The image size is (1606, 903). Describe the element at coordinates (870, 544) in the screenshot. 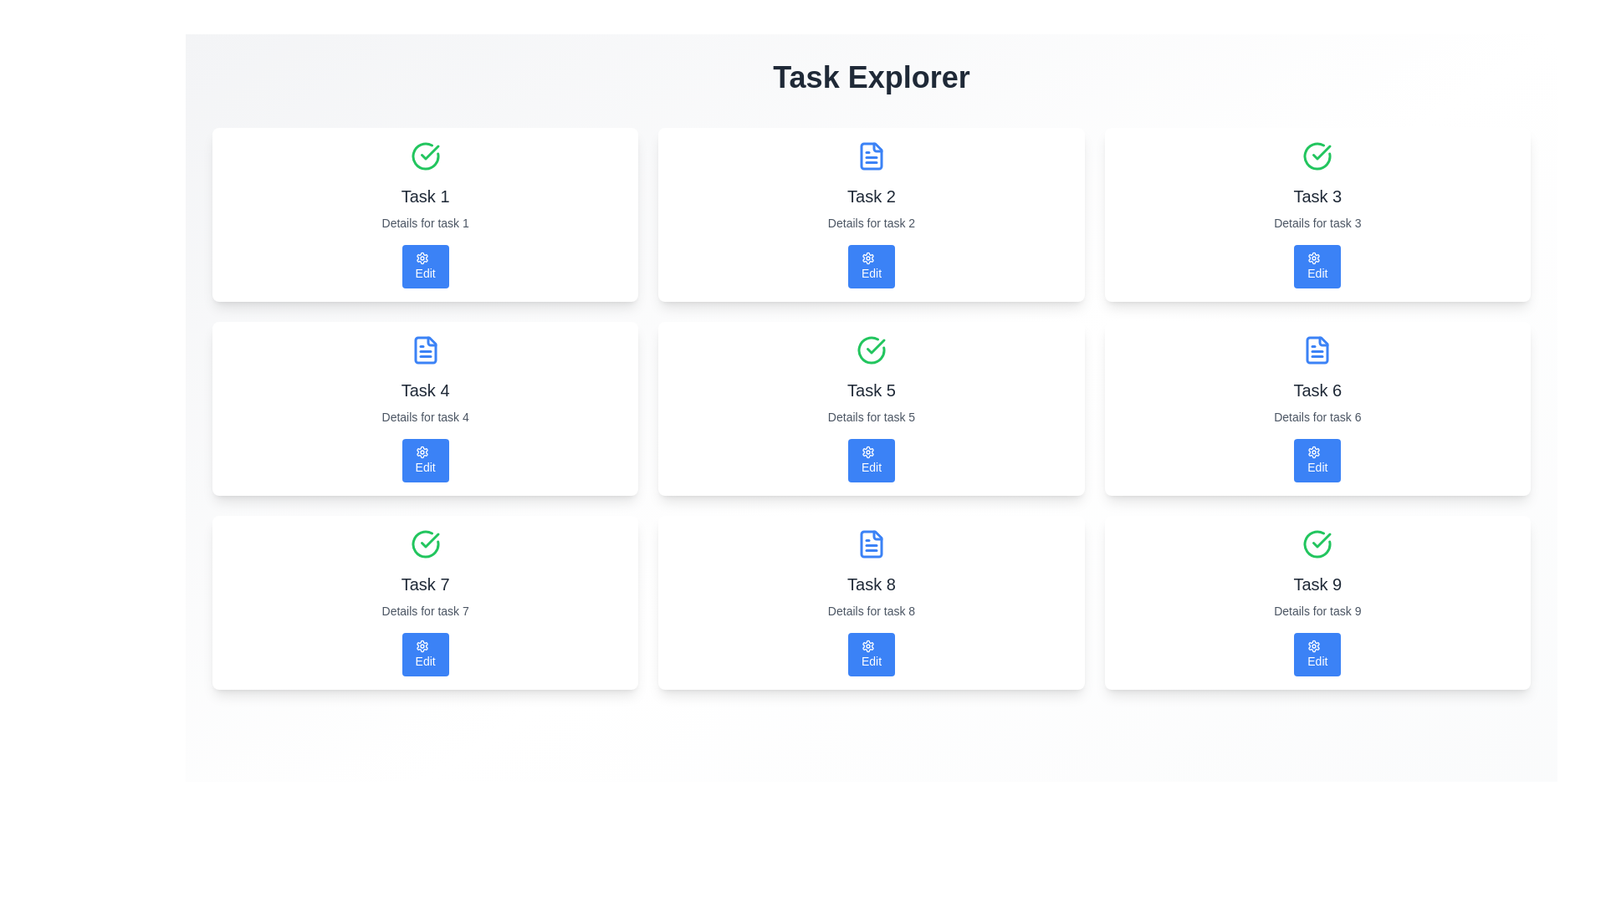

I see `the blue document-like SVG icon located at the top-center of the 'Task 8' card, which is visually recognizable by its distinct color and position above the text 'Task 8'` at that location.